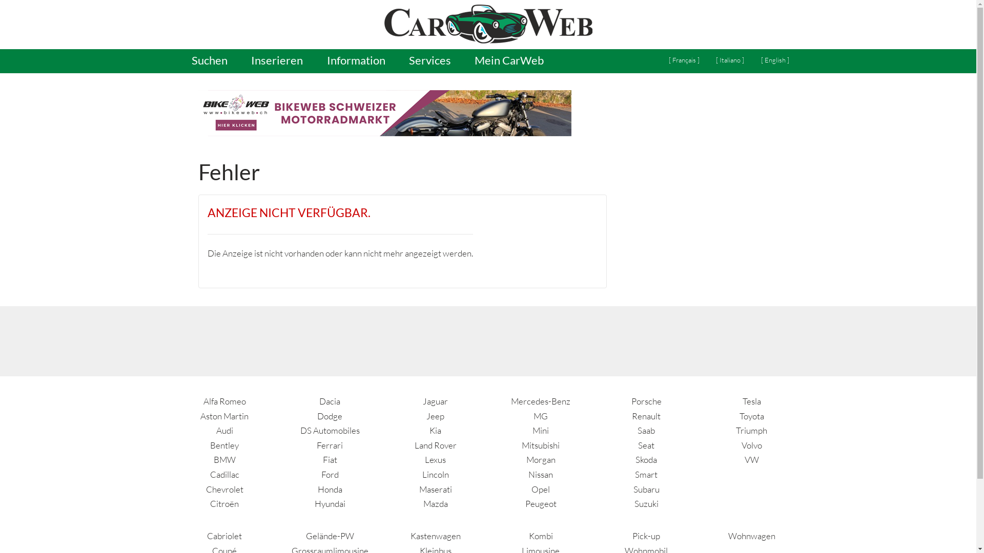 The width and height of the screenshot is (984, 553). Describe the element at coordinates (637, 430) in the screenshot. I see `'Saab'` at that location.